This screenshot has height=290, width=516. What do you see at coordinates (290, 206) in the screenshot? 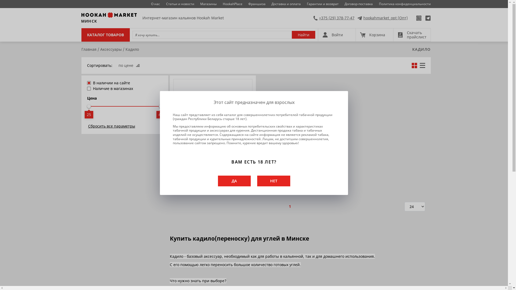
I see `'1'` at bounding box center [290, 206].